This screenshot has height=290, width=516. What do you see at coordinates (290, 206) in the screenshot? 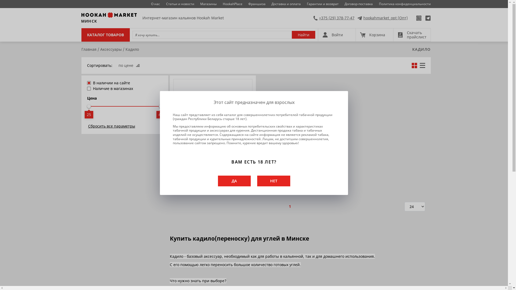
I see `'1'` at bounding box center [290, 206].